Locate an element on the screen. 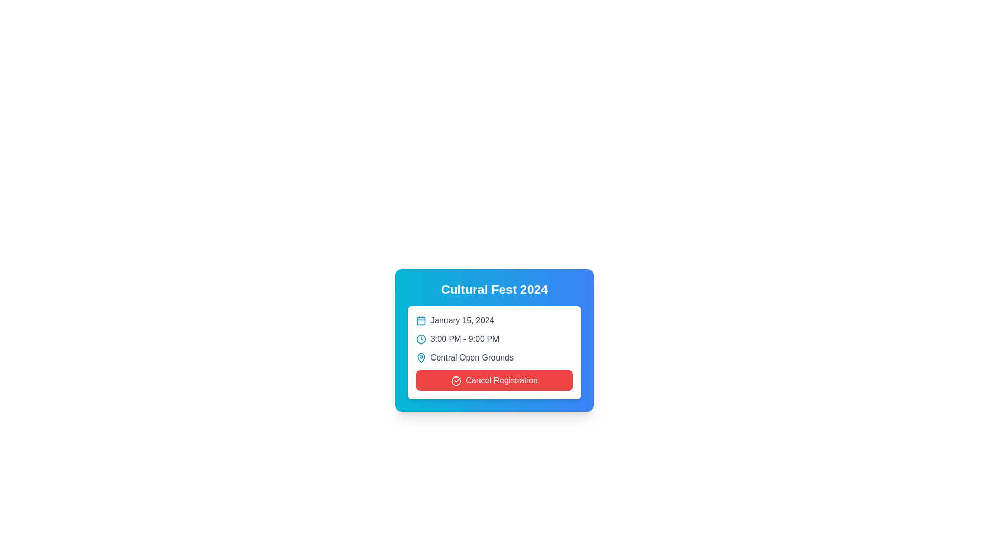  the static text label reading 'Central Open Grounds', which is styled in gray and located in the bottom middle section of a card displaying event details, to the right of a map pin icon is located at coordinates (471, 357).